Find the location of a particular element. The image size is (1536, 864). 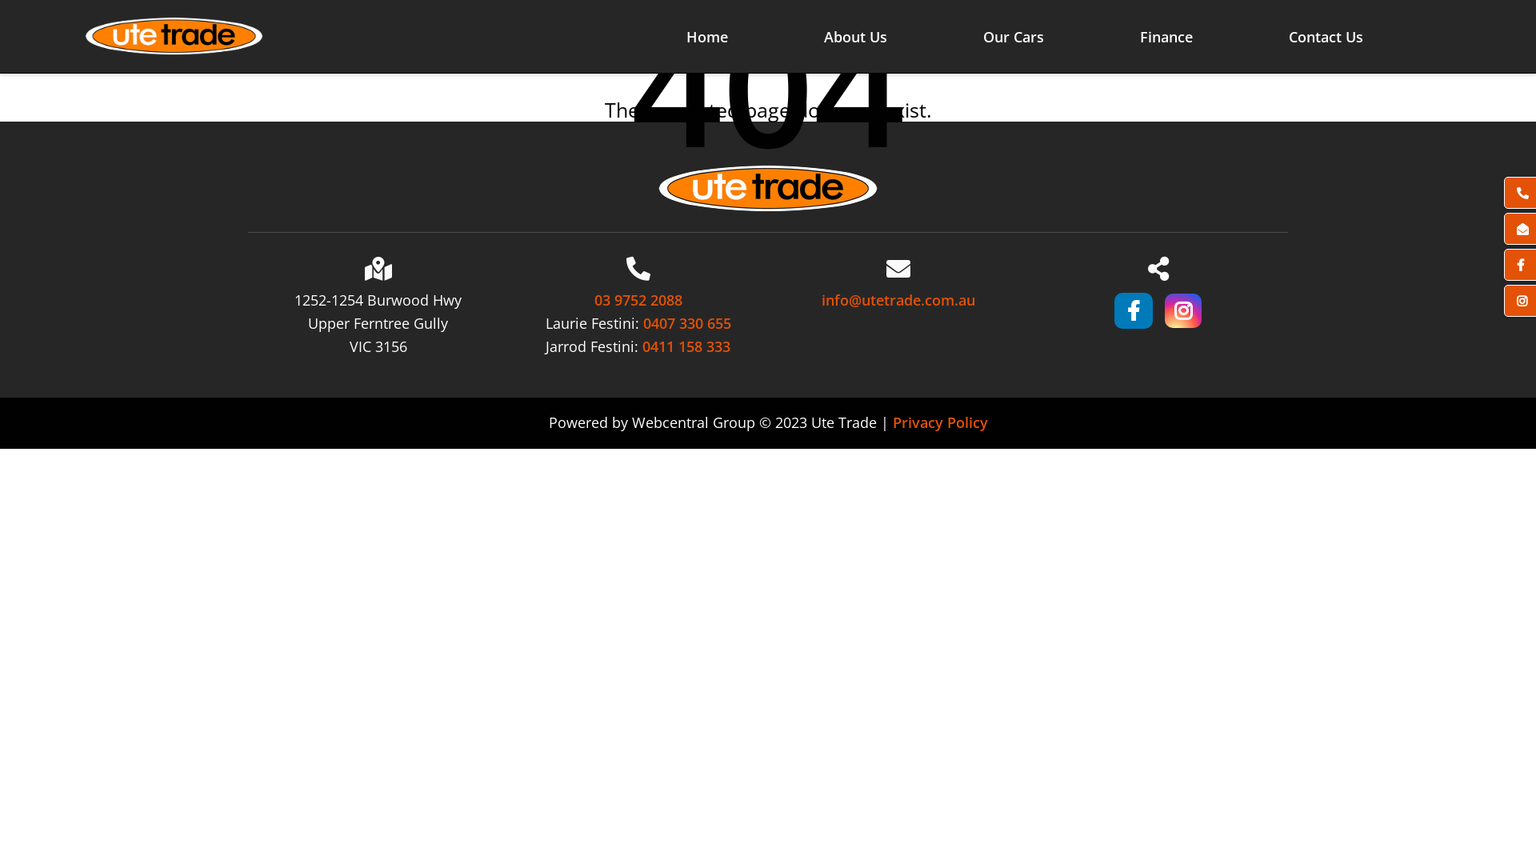

'Finance' is located at coordinates (1139, 36).